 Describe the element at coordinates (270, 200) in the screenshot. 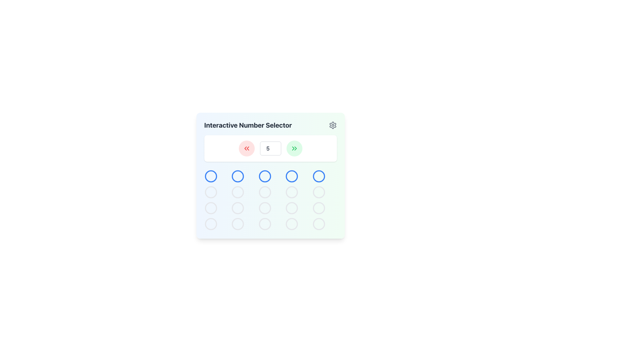

I see `the circular icons in the Interactive Number Selector grid layout` at that location.